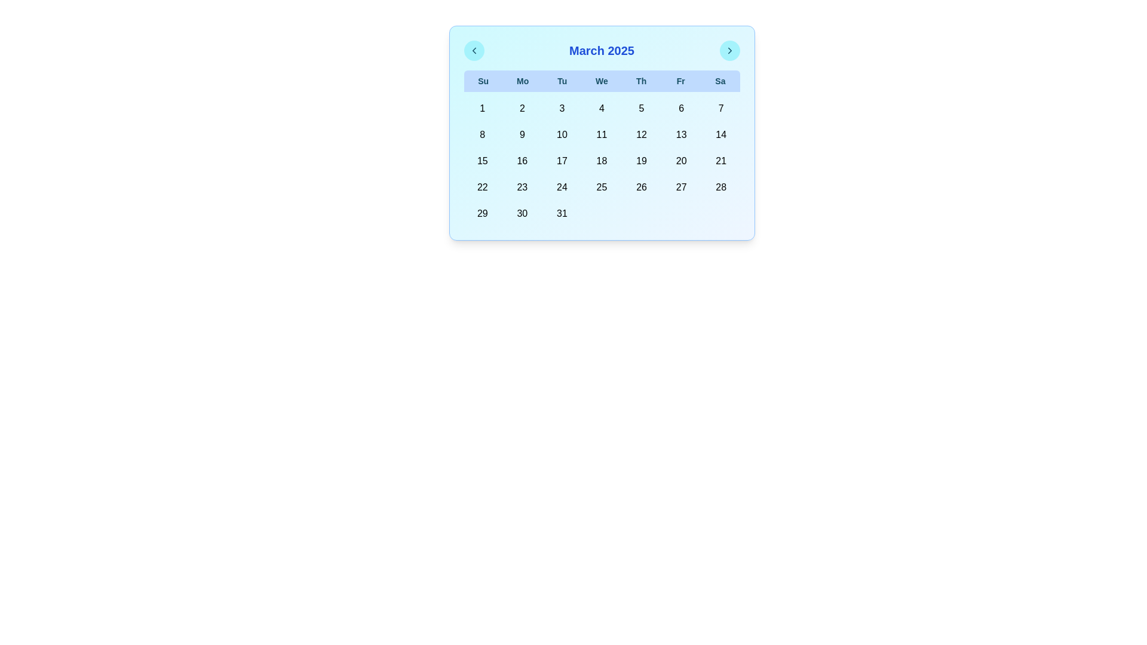 The height and width of the screenshot is (645, 1147). What do you see at coordinates (729, 50) in the screenshot?
I see `the right-facing chevron icon with a thin outline and cyan accents located in the top right corner of the calendar interface` at bounding box center [729, 50].